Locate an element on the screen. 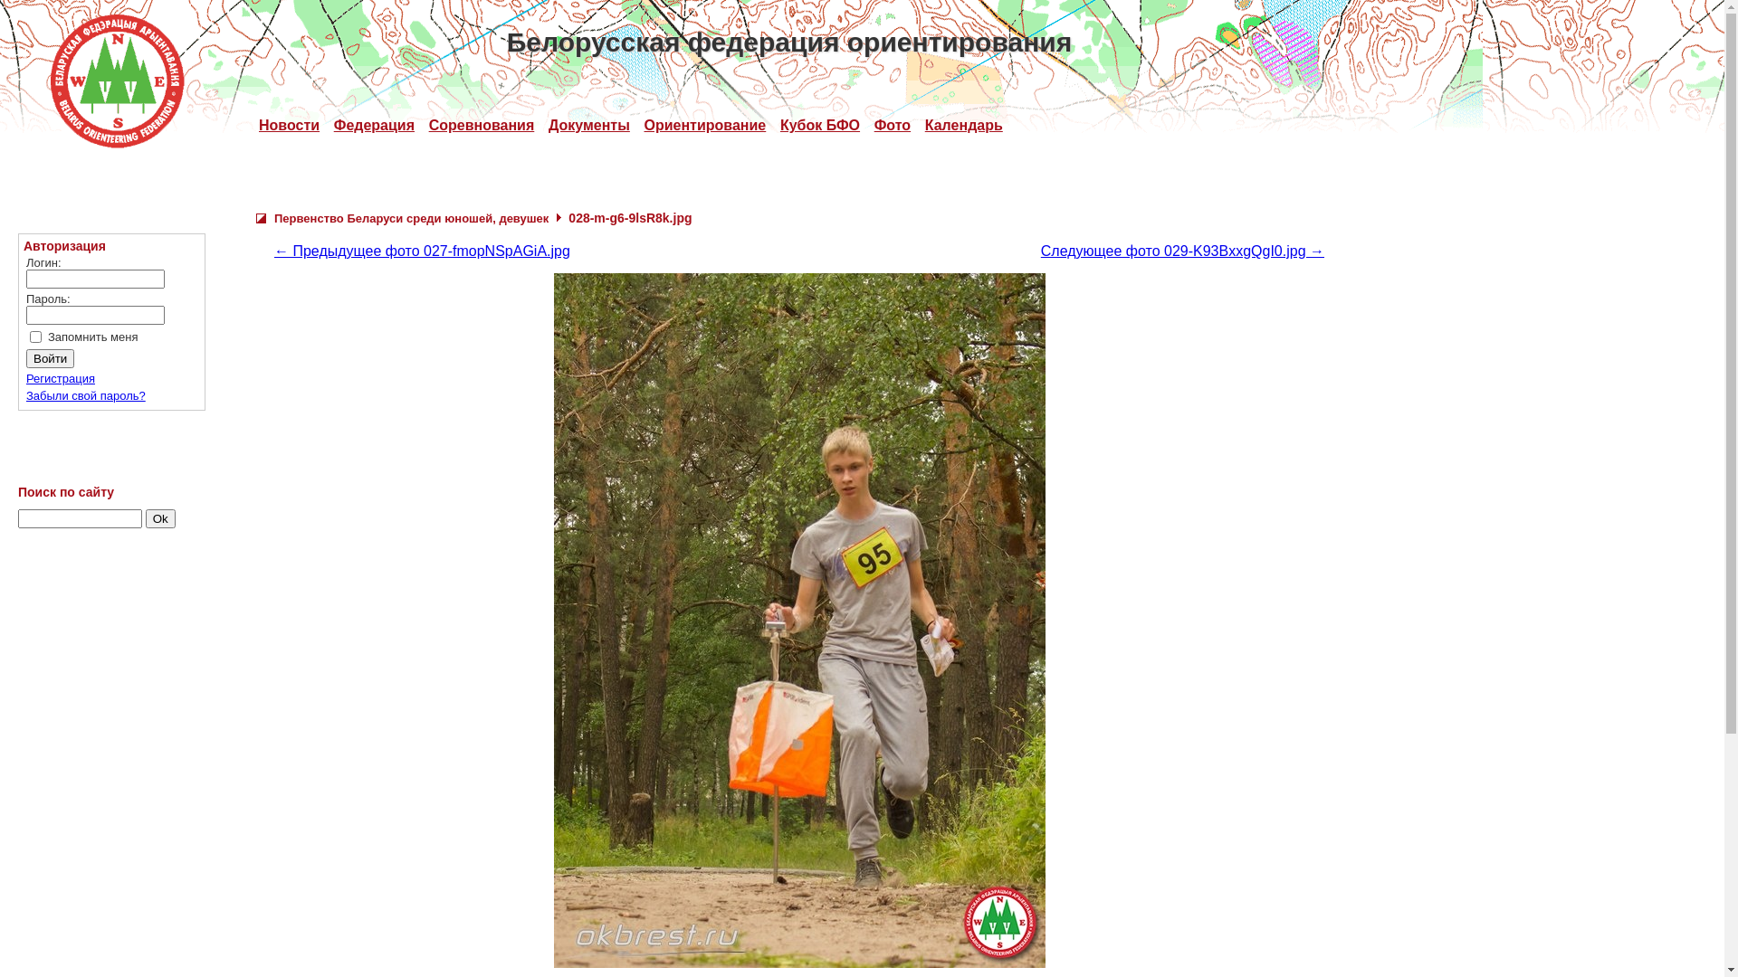  'Ok' is located at coordinates (160, 518).